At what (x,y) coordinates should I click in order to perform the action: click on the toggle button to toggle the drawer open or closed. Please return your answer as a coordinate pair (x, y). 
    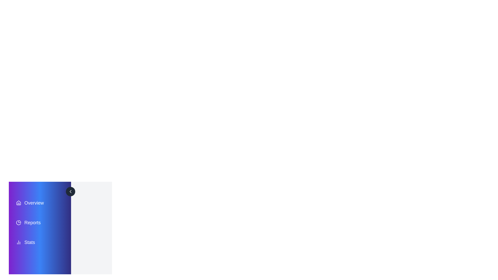
    Looking at the image, I should click on (70, 192).